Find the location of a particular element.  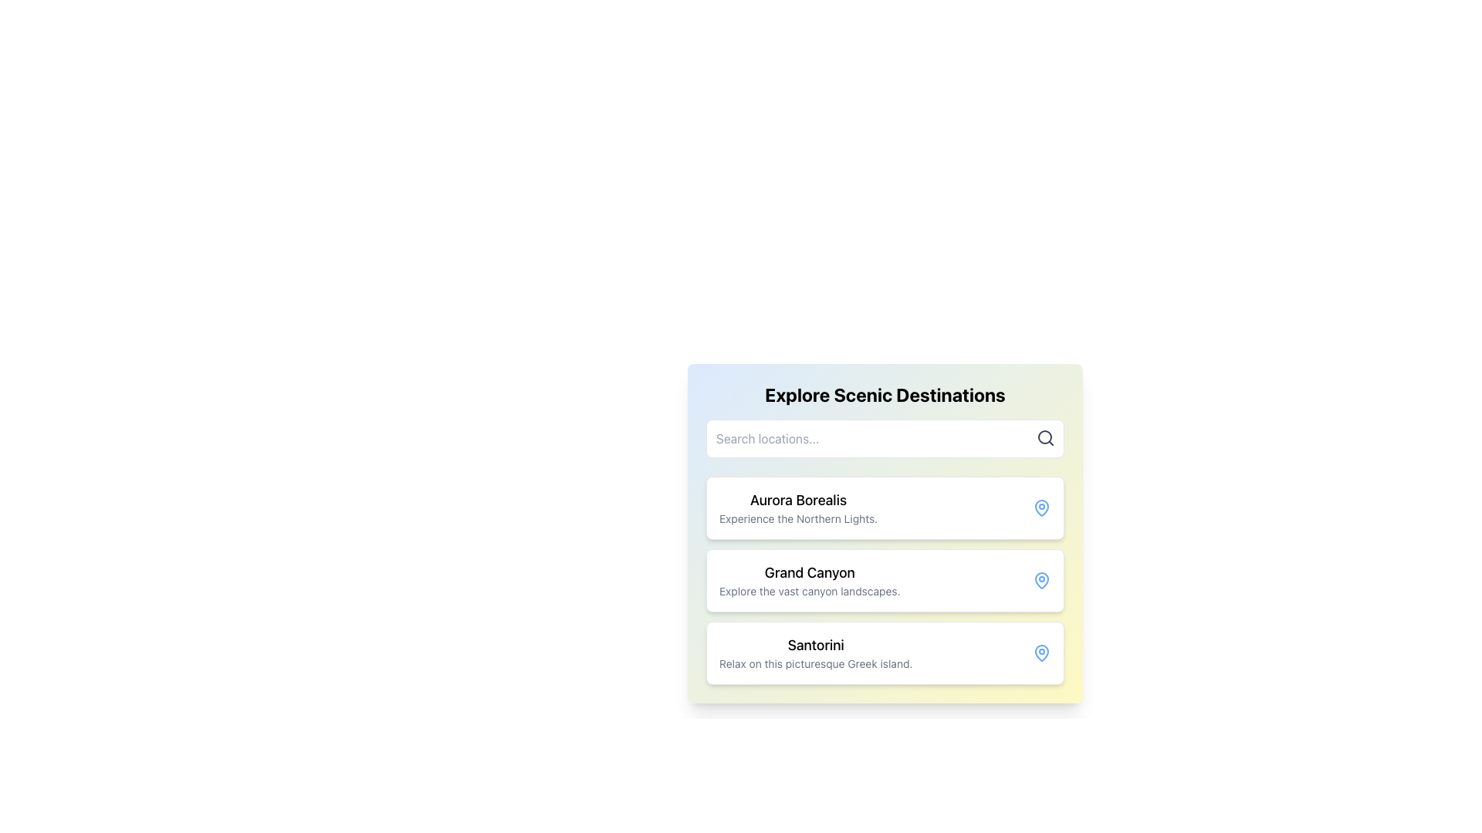

the descriptive text element located beneath the title 'Aurora Borealis' in the topmost card of scenic destinations is located at coordinates (798, 518).